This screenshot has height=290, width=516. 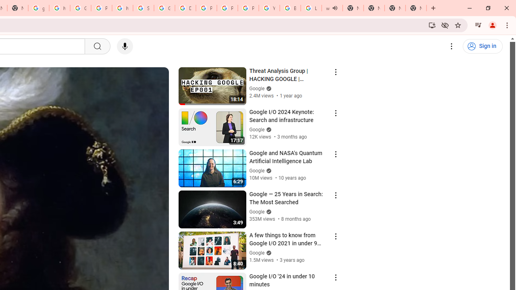 I want to click on 'Privacy Help Center - Policies Help', so click(x=206, y=8).